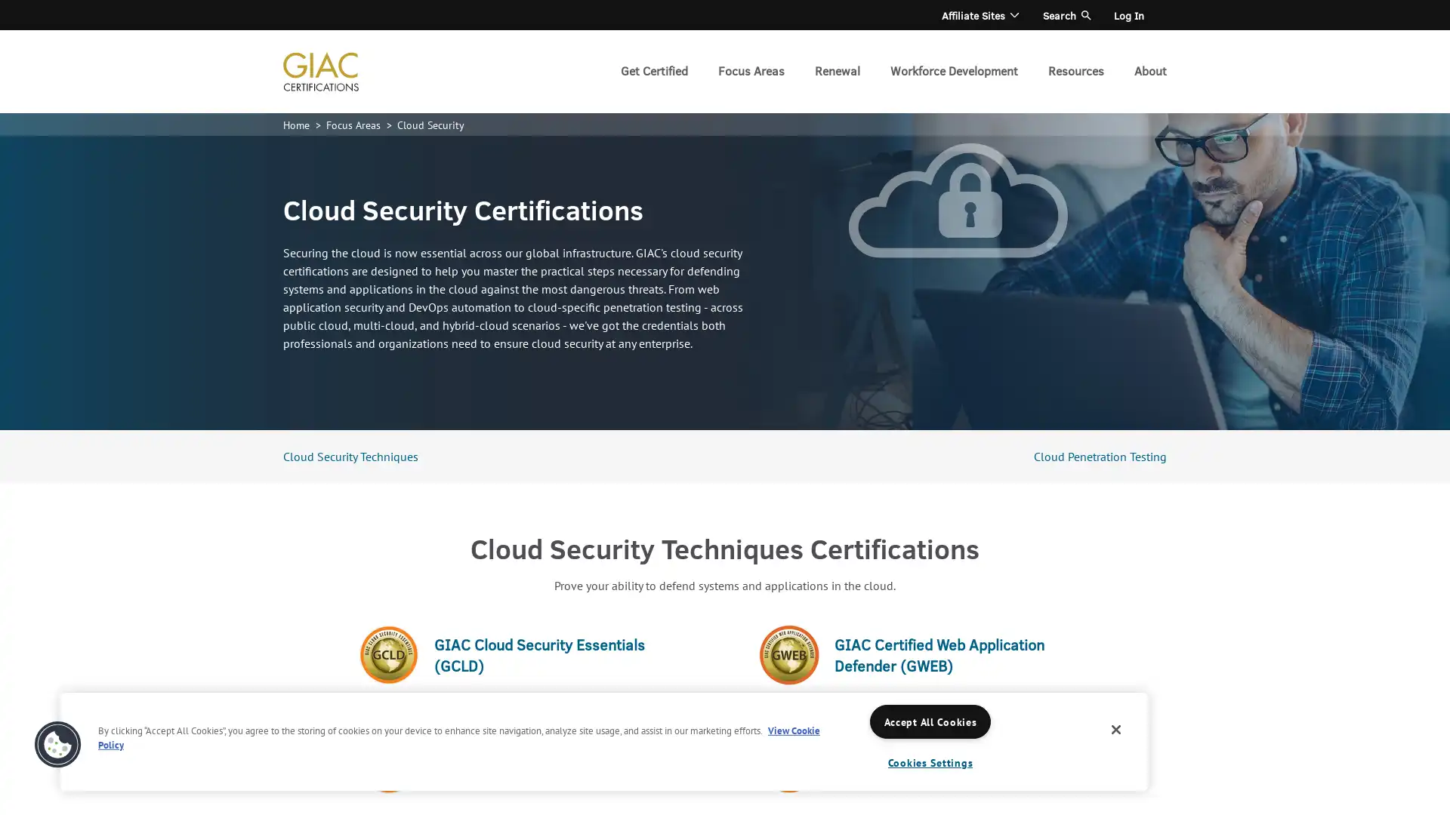  I want to click on Cookies Settings, so click(930, 762).